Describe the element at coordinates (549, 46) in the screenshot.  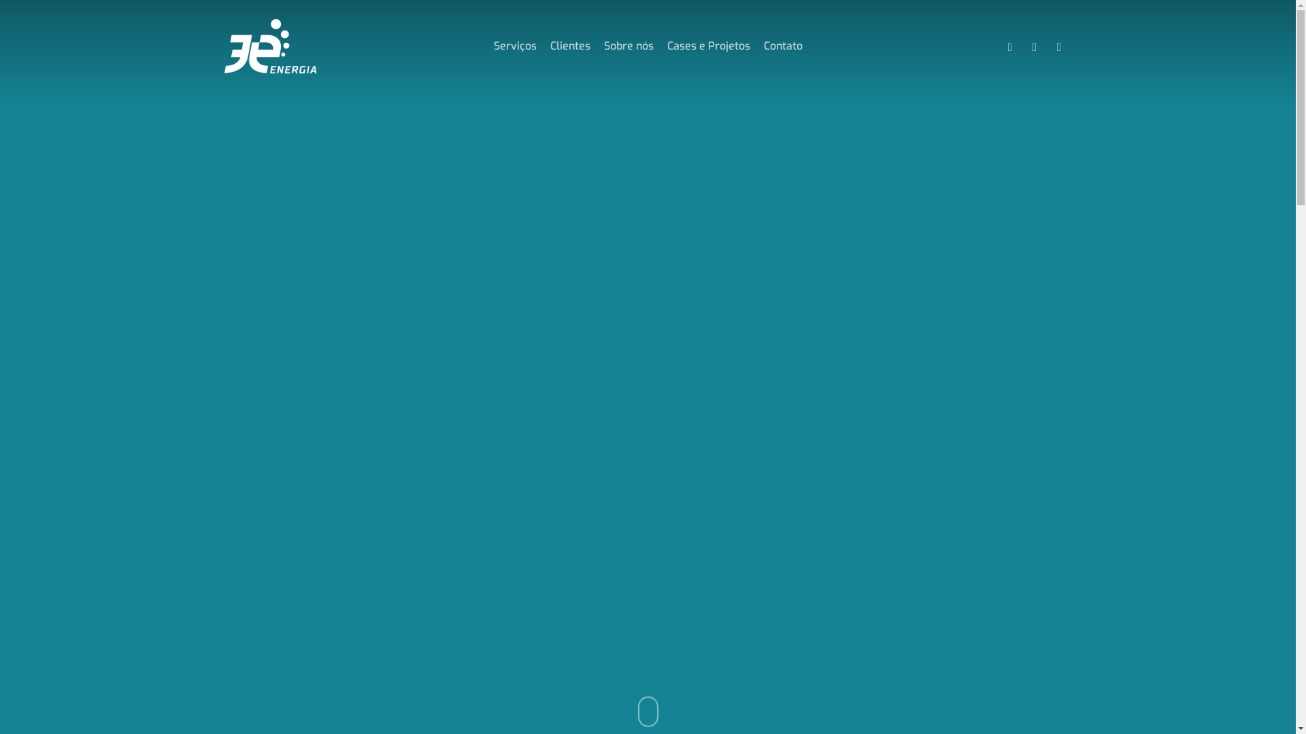
I see `'Clientes'` at that location.